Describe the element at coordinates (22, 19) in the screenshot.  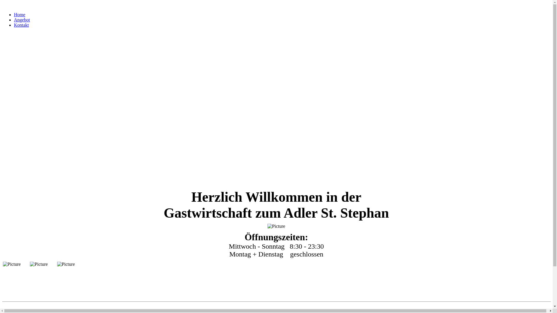
I see `'Angebot'` at that location.